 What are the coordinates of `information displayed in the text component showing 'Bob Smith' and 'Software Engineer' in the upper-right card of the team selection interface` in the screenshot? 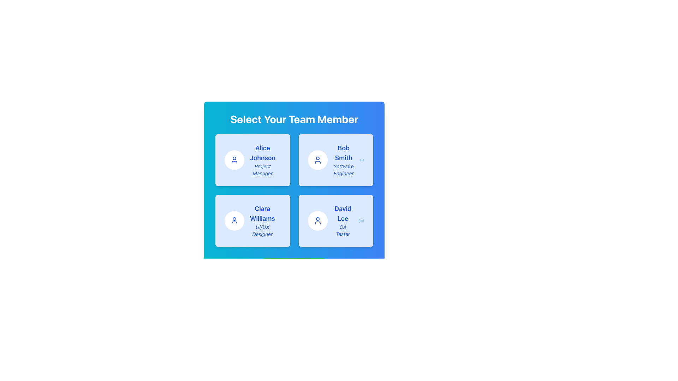 It's located at (344, 160).